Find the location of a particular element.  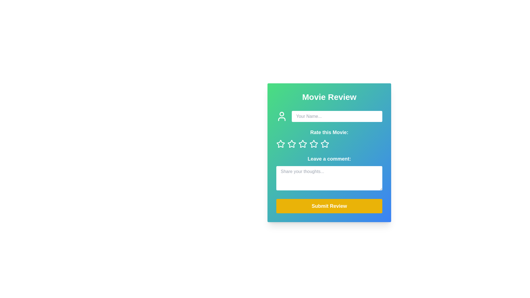

the third star-shaped icon is located at coordinates (314, 143).